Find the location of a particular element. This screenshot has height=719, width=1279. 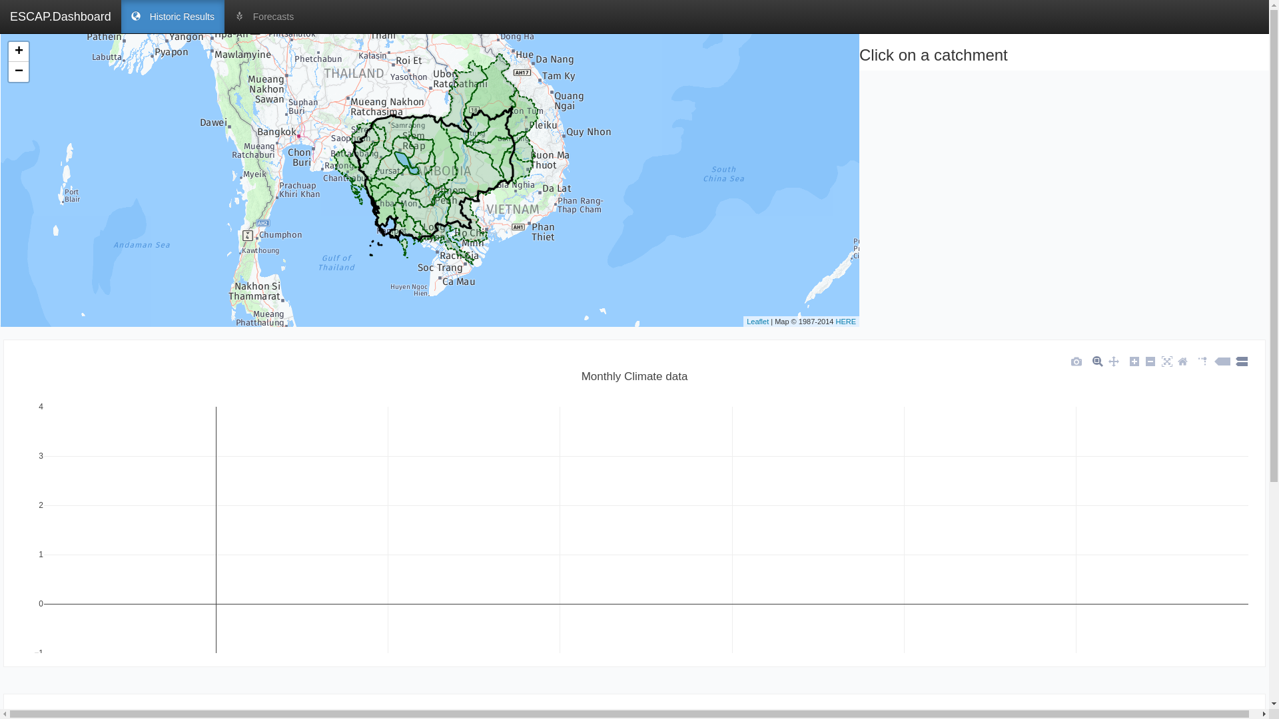

'HERE' is located at coordinates (845, 321).